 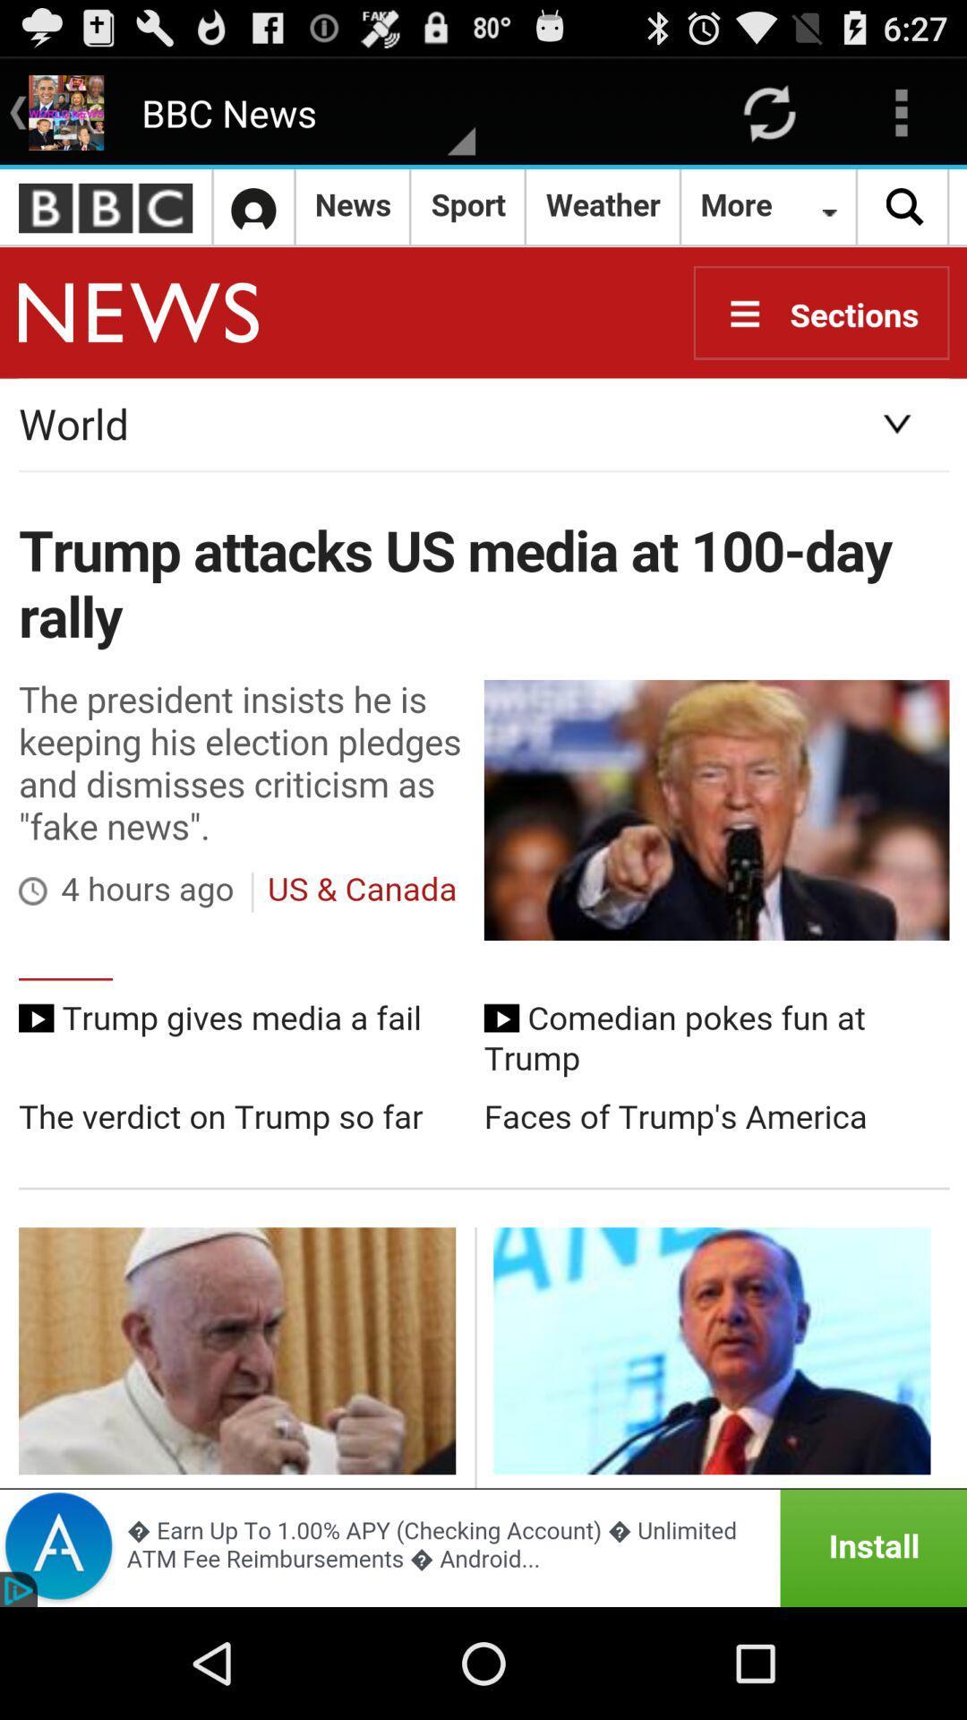 What do you see at coordinates (483, 1547) in the screenshot?
I see `advertisement page` at bounding box center [483, 1547].